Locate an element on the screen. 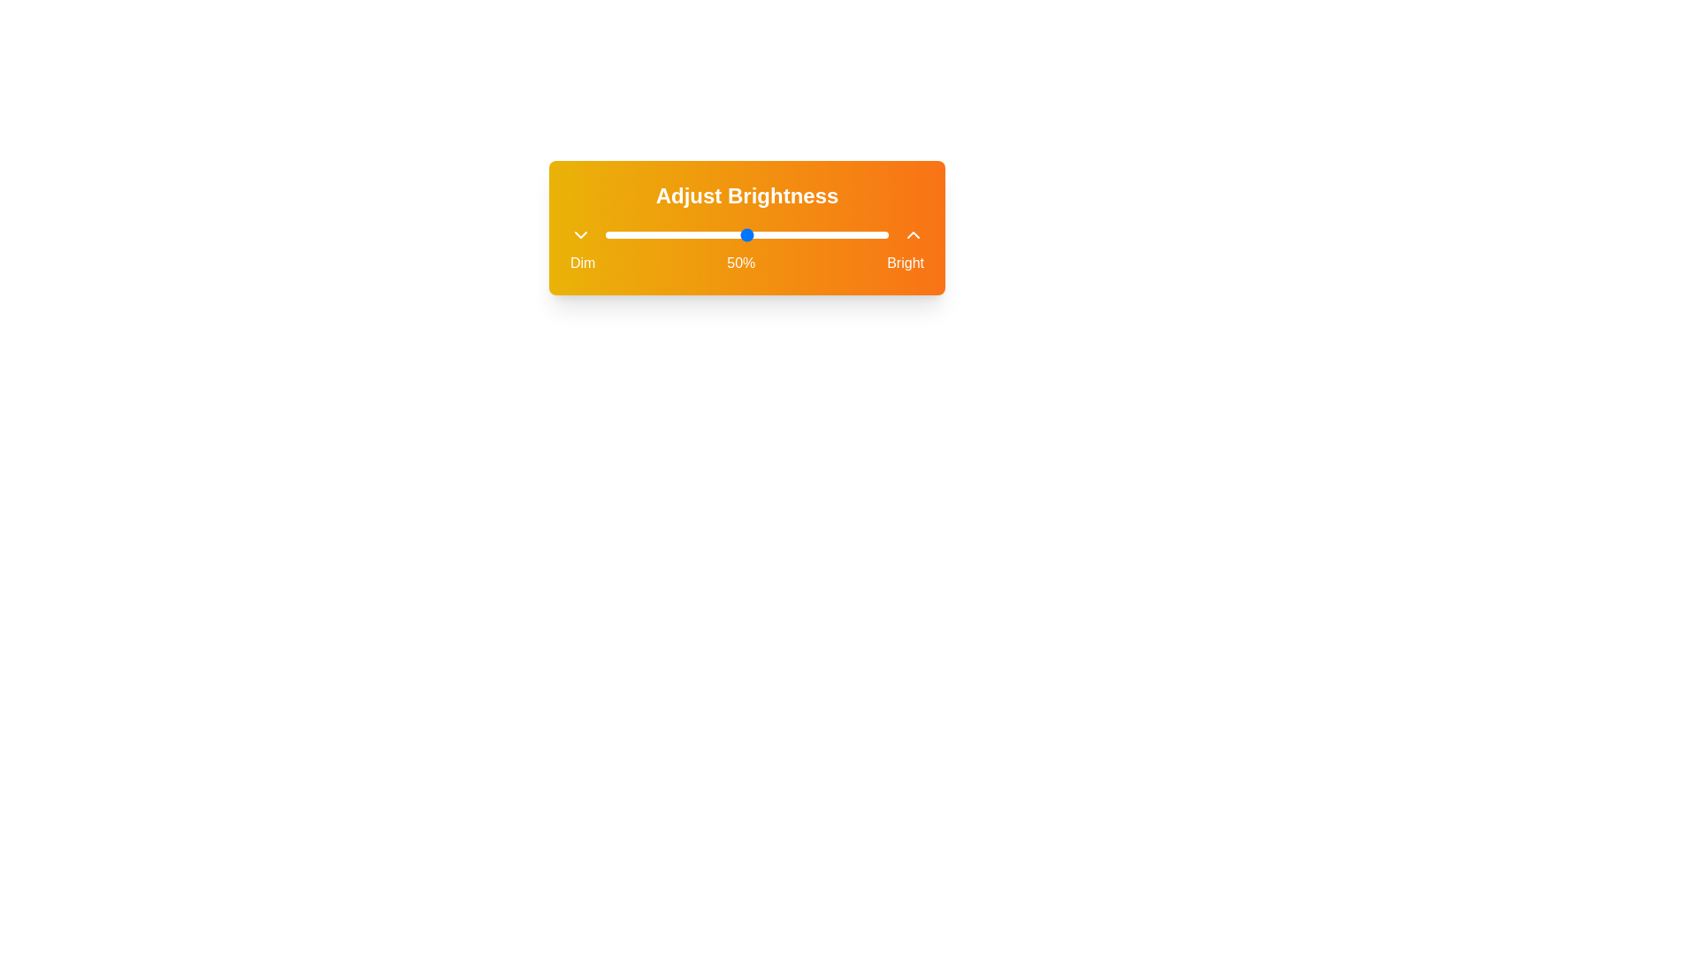 Image resolution: width=1698 pixels, height=955 pixels. the label below the 'Adjust Brightness' text and slider that indicates levels 'Dim', '50%', and 'Bright' is located at coordinates (746, 263).